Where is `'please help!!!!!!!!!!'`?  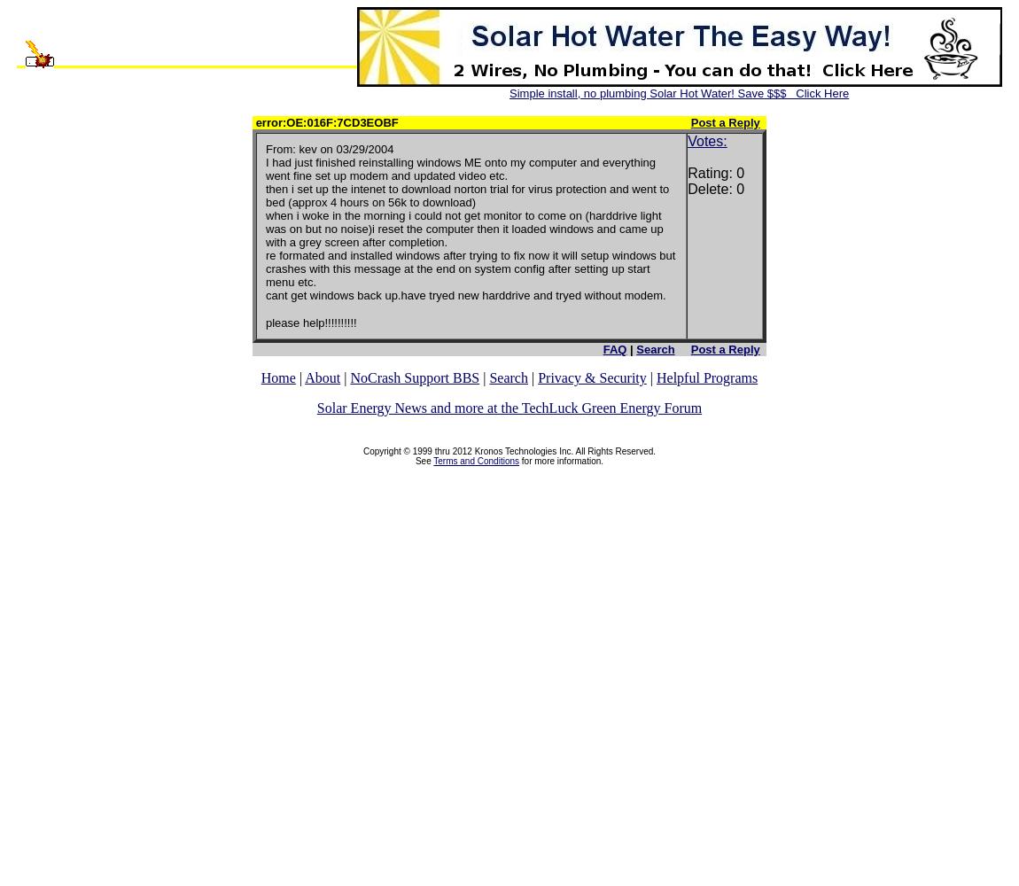
'please help!!!!!!!!!!' is located at coordinates (266, 322).